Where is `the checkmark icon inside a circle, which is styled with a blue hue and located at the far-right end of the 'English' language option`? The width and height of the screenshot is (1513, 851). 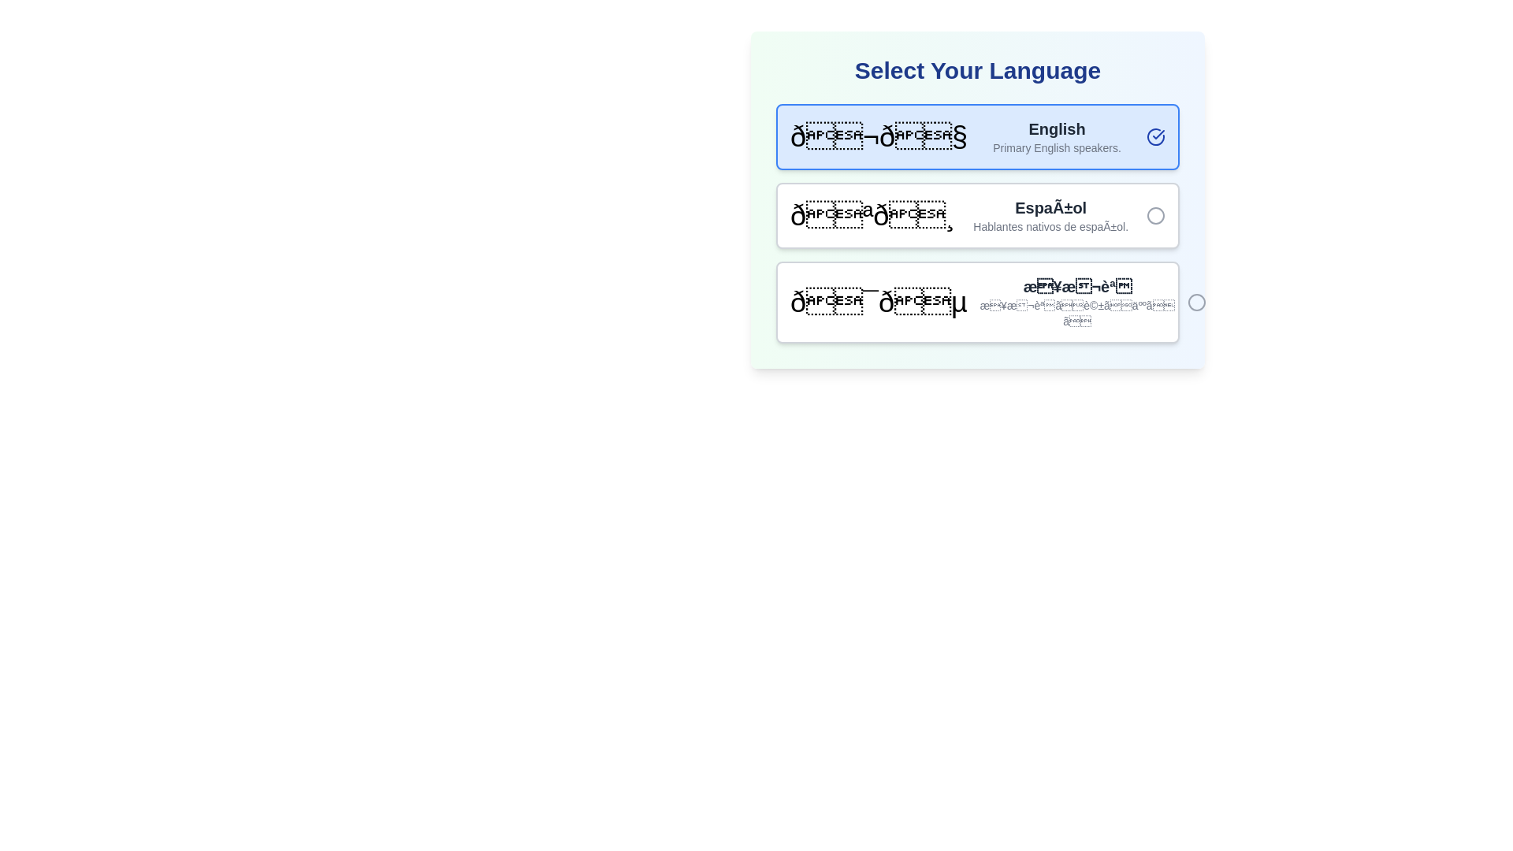 the checkmark icon inside a circle, which is styled with a blue hue and located at the far-right end of the 'English' language option is located at coordinates (1156, 136).